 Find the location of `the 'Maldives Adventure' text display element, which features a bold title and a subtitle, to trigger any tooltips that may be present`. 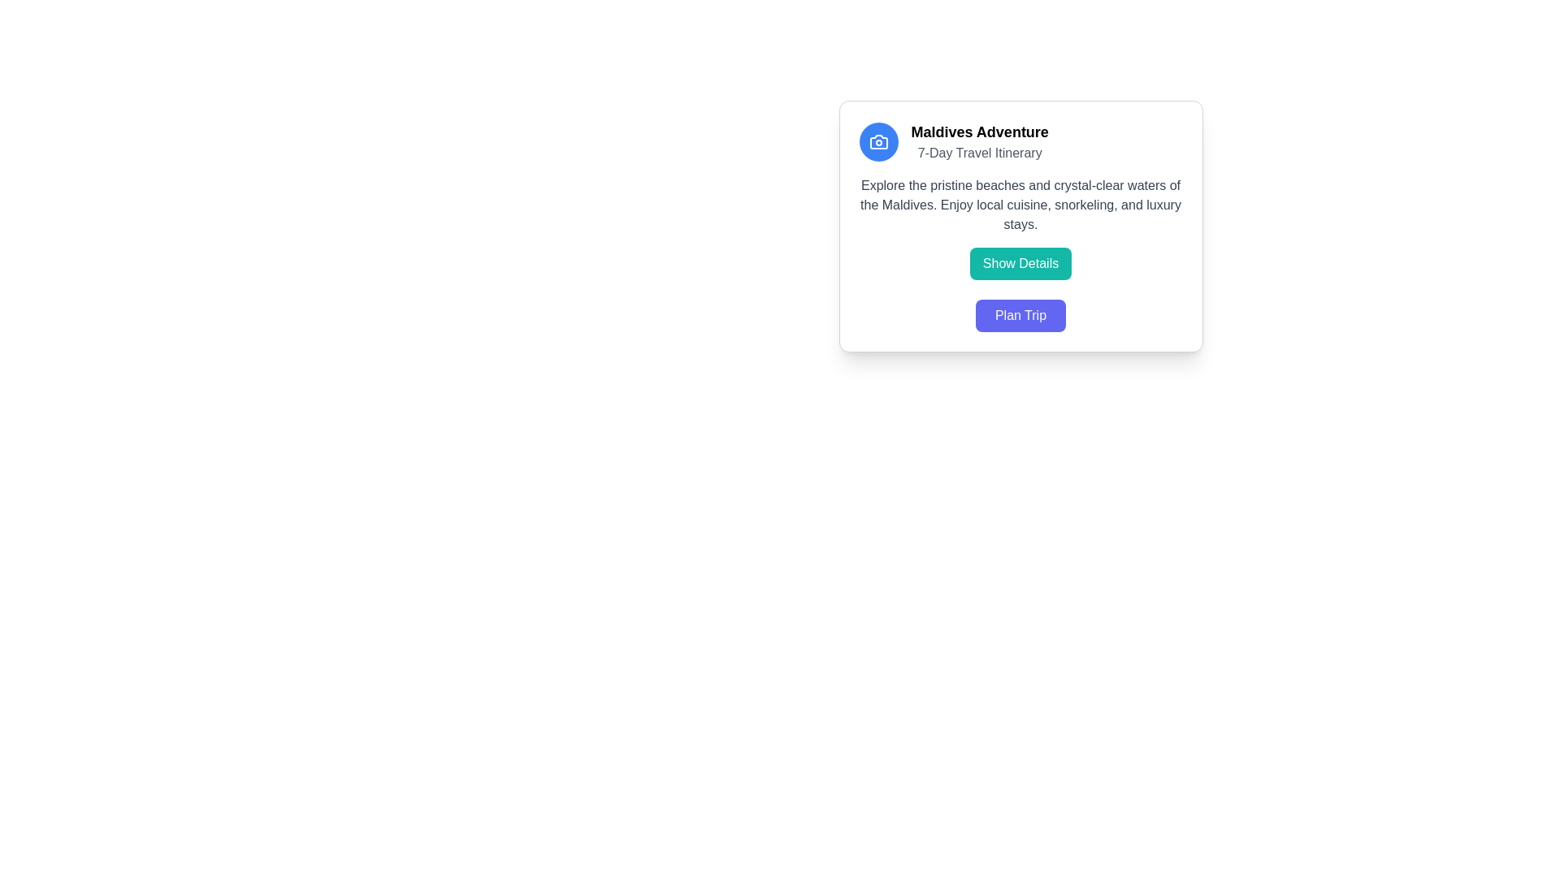

the 'Maldives Adventure' text display element, which features a bold title and a subtitle, to trigger any tooltips that may be present is located at coordinates (979, 140).